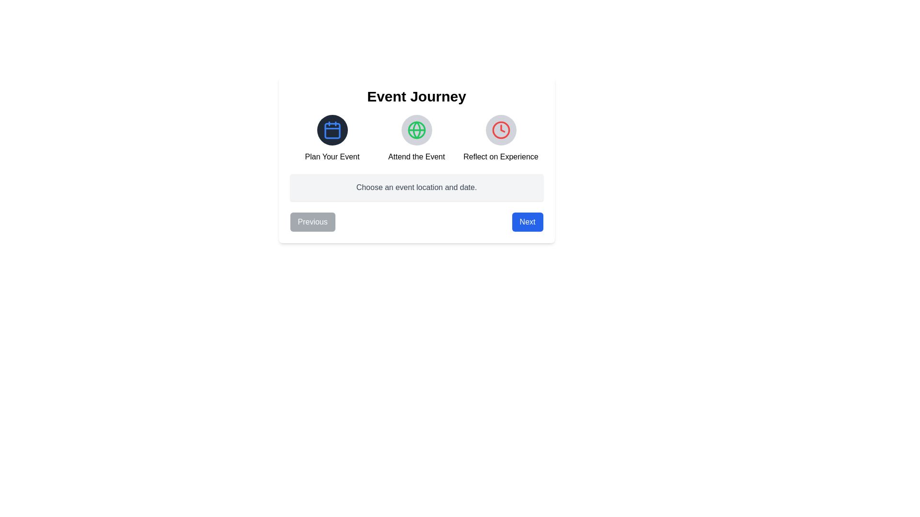 The image size is (920, 517). Describe the element at coordinates (527, 222) in the screenshot. I see `the 'Next' button to navigate to the next step` at that location.